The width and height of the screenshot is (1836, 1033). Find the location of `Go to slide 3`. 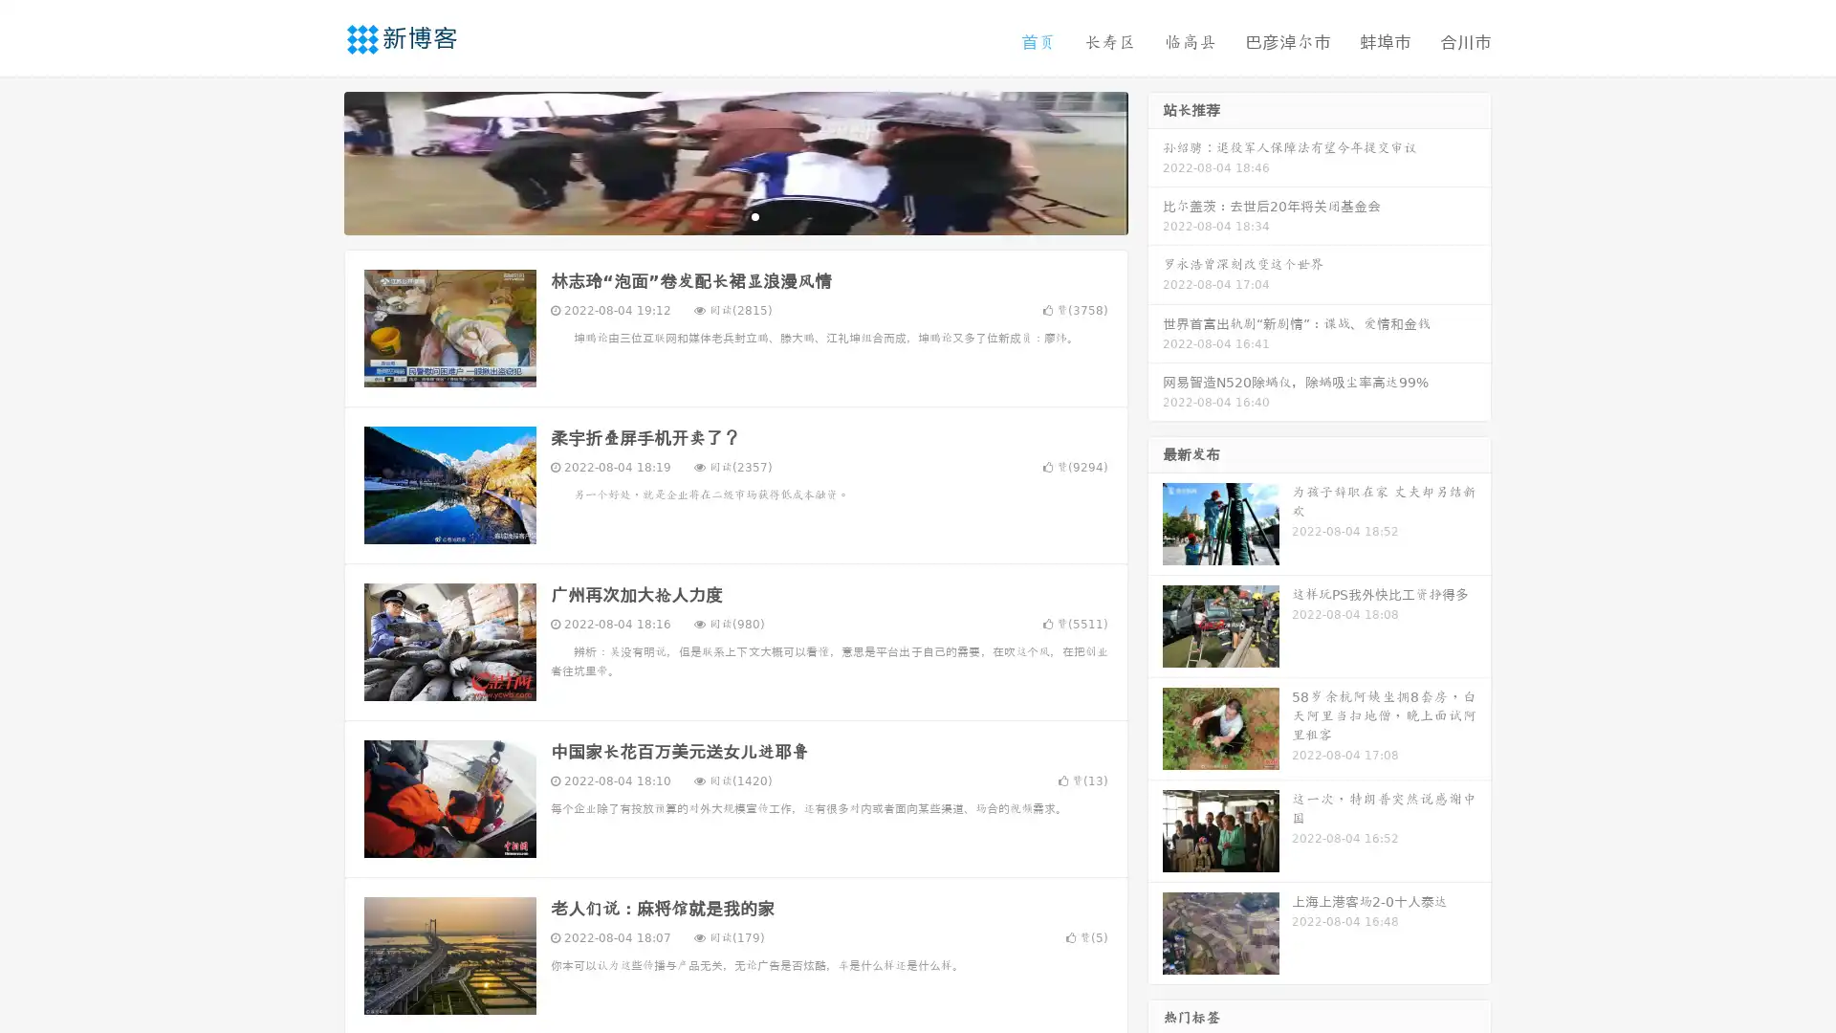

Go to slide 3 is located at coordinates (754, 215).